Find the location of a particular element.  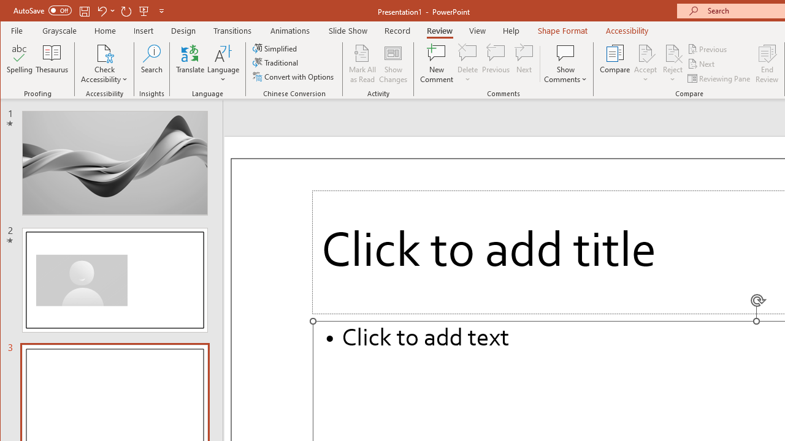

'Compare' is located at coordinates (615, 64).